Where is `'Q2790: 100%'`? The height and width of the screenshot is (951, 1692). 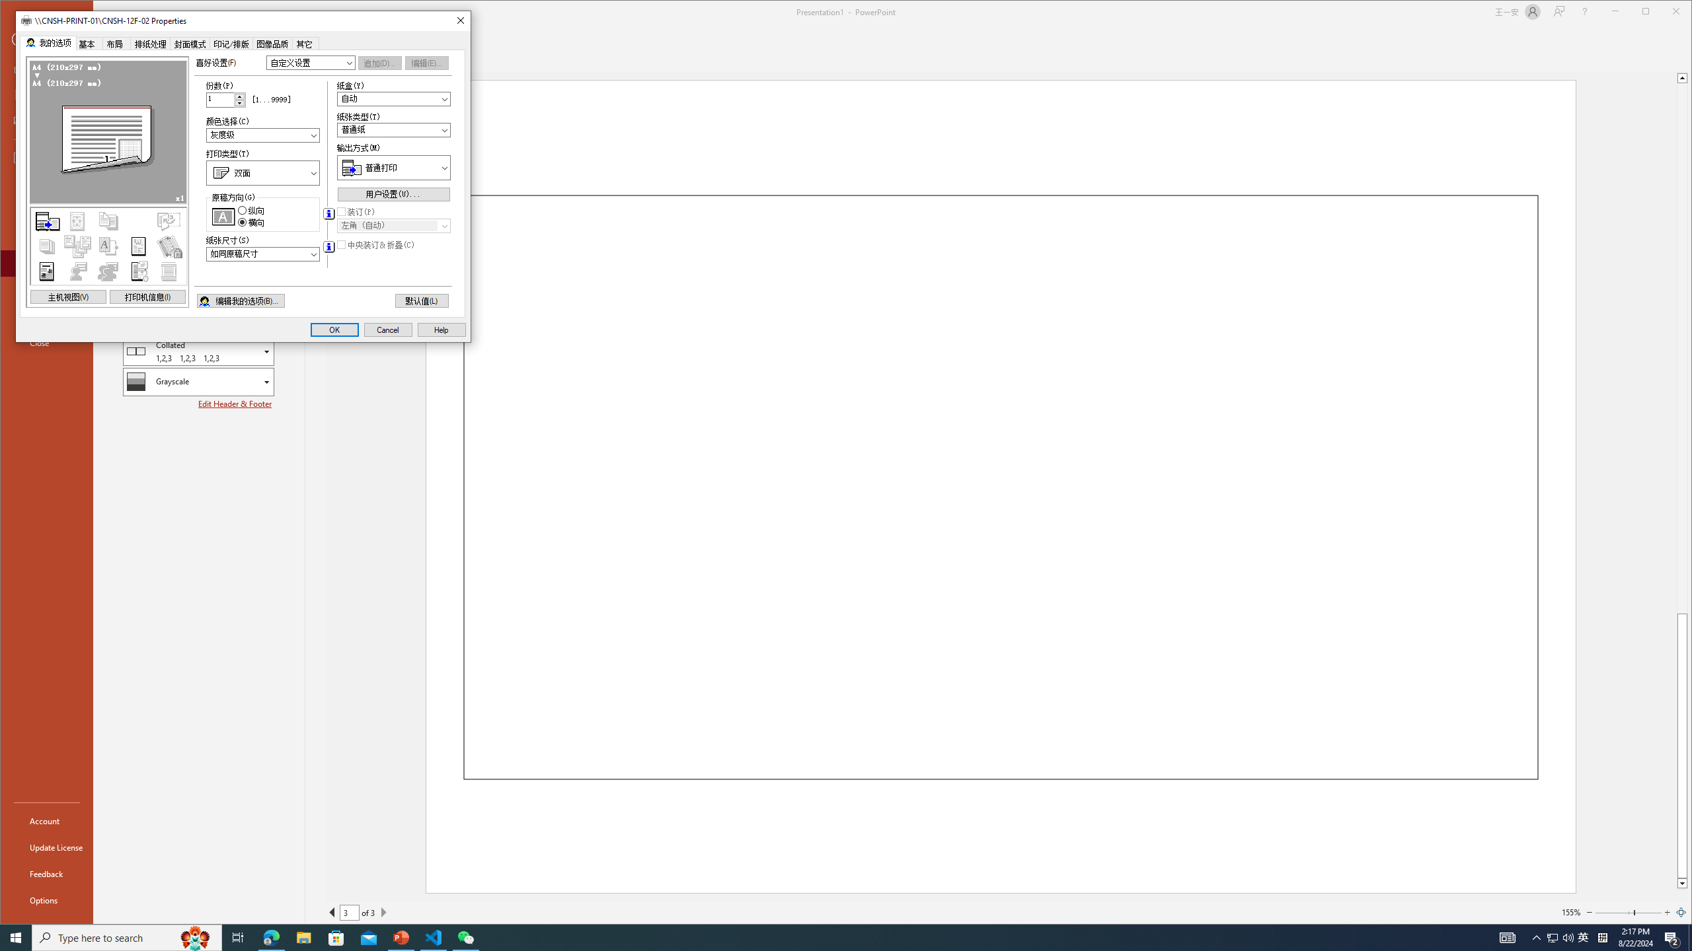
'Q2790: 100%' is located at coordinates (1568, 936).